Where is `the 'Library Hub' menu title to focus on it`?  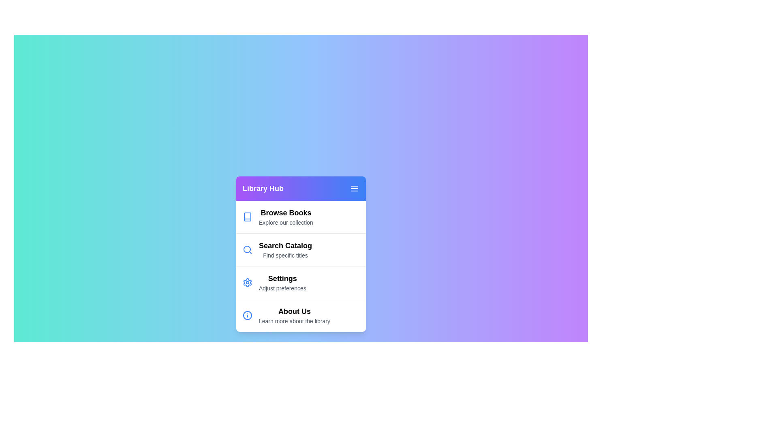 the 'Library Hub' menu title to focus on it is located at coordinates (263, 188).